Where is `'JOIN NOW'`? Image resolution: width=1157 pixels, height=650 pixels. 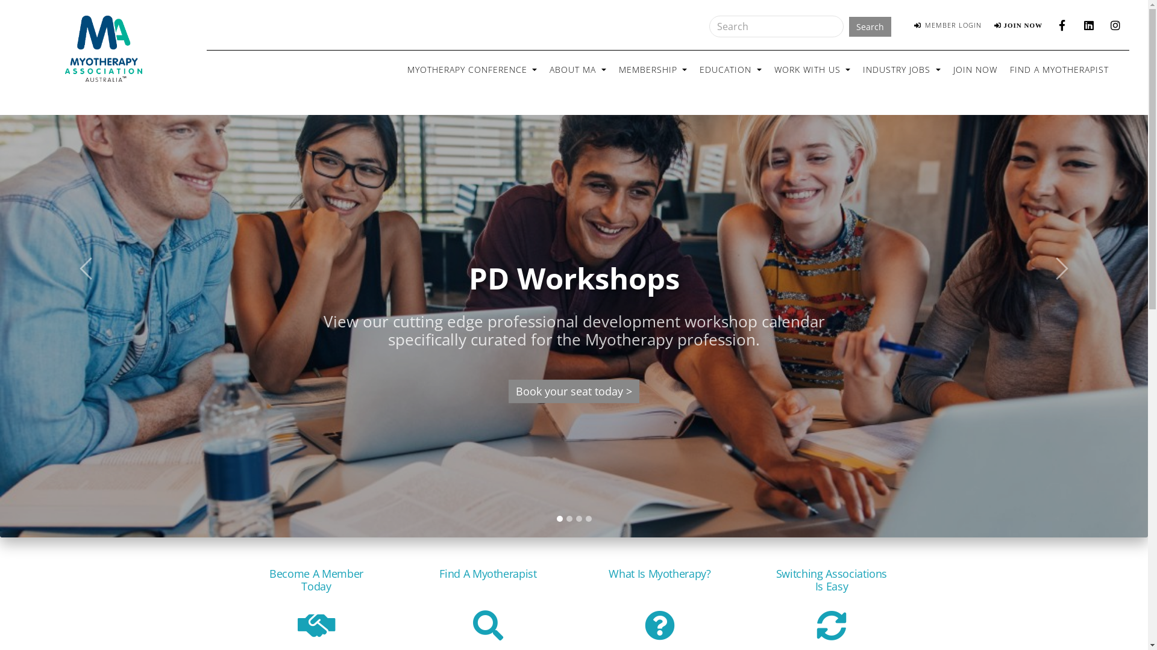
'JOIN NOW' is located at coordinates (1018, 25).